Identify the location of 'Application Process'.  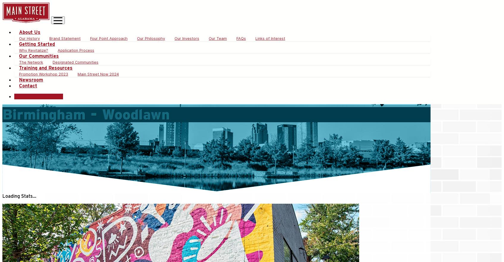
(76, 50).